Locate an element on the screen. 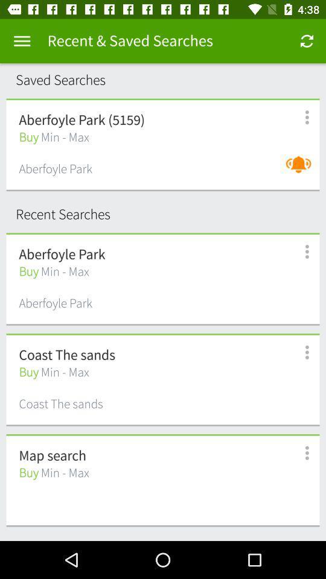 The width and height of the screenshot is (326, 579). the notification button is located at coordinates (301, 170).